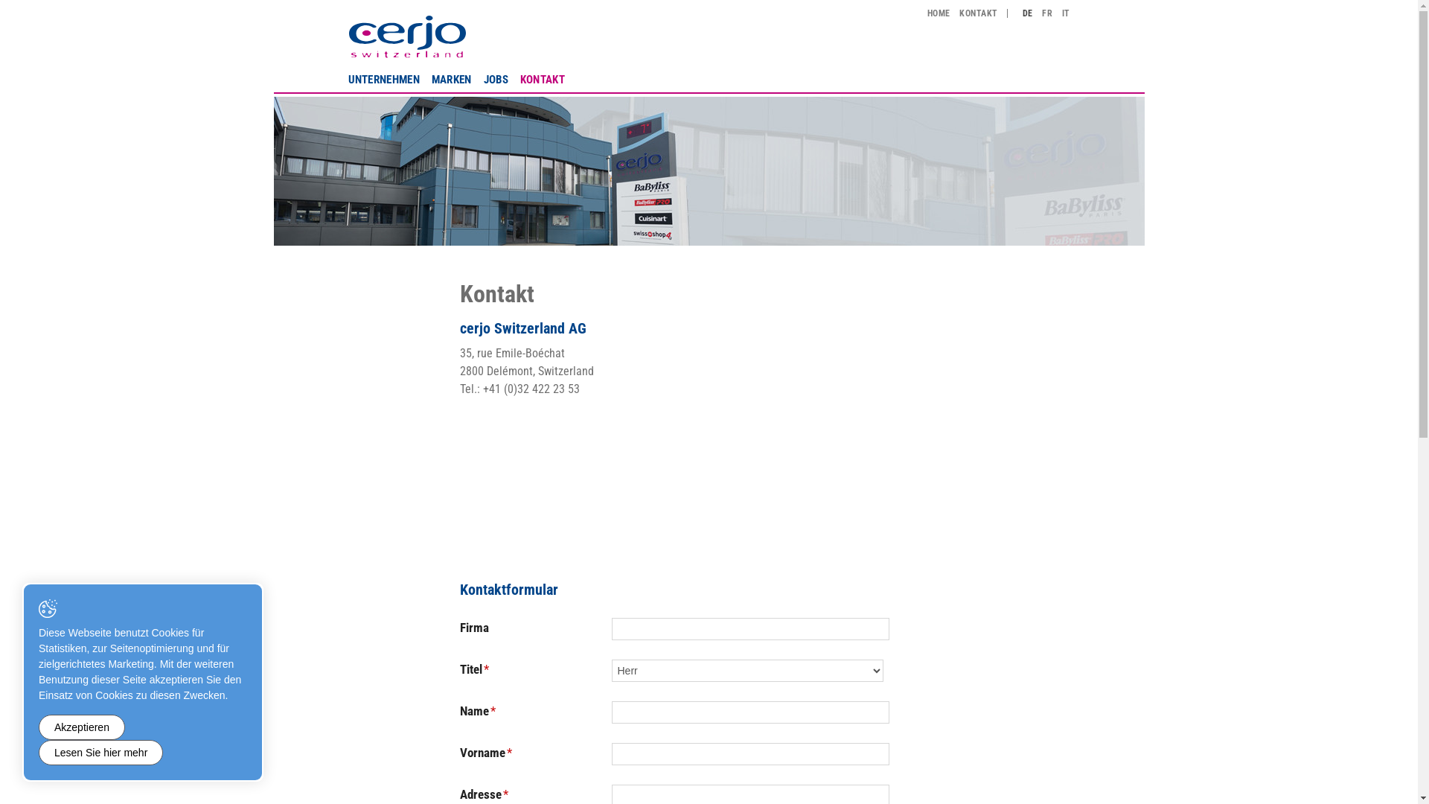 This screenshot has height=804, width=1429. I want to click on 'Akzeptieren', so click(81, 726).